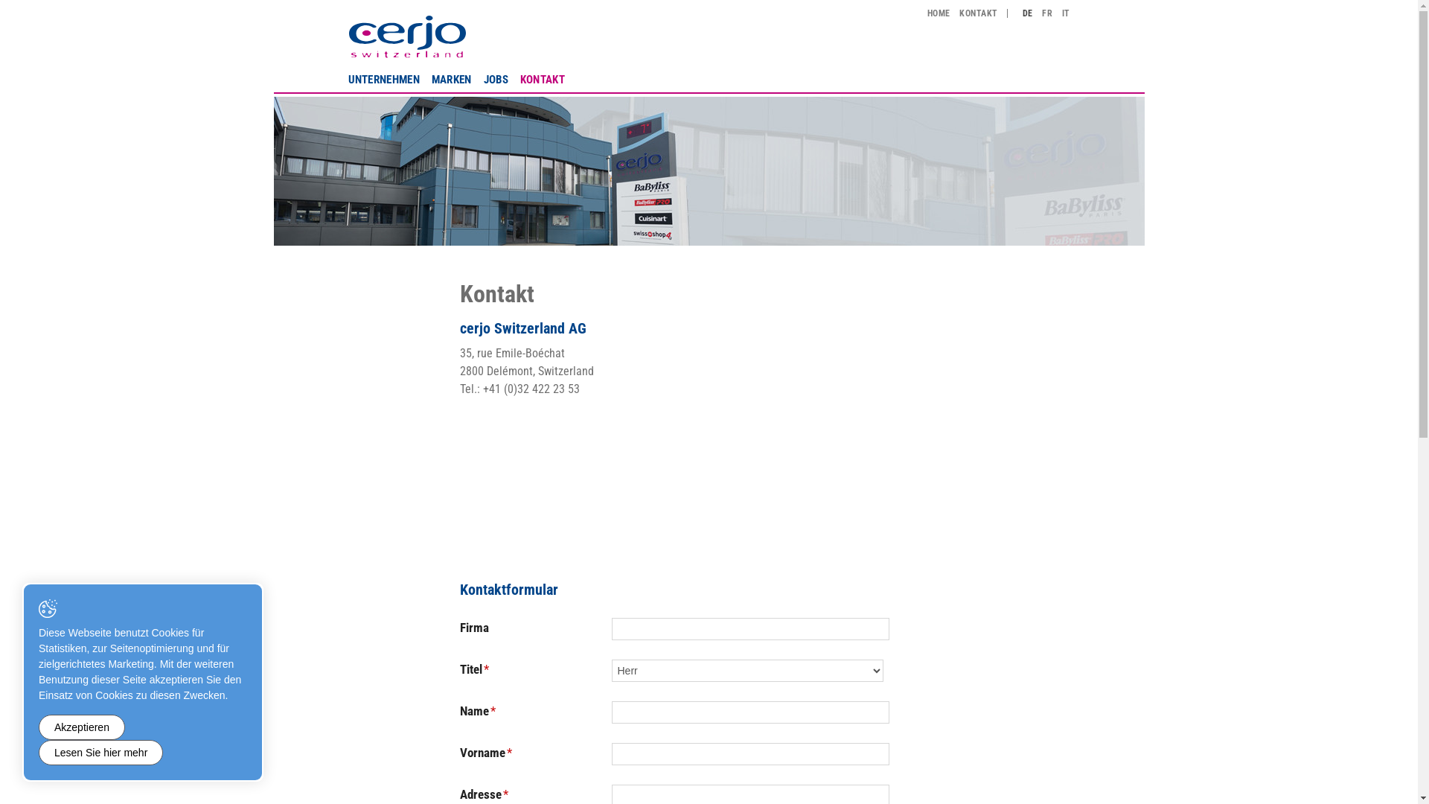 This screenshot has height=804, width=1429. I want to click on 'Akzeptieren', so click(81, 726).